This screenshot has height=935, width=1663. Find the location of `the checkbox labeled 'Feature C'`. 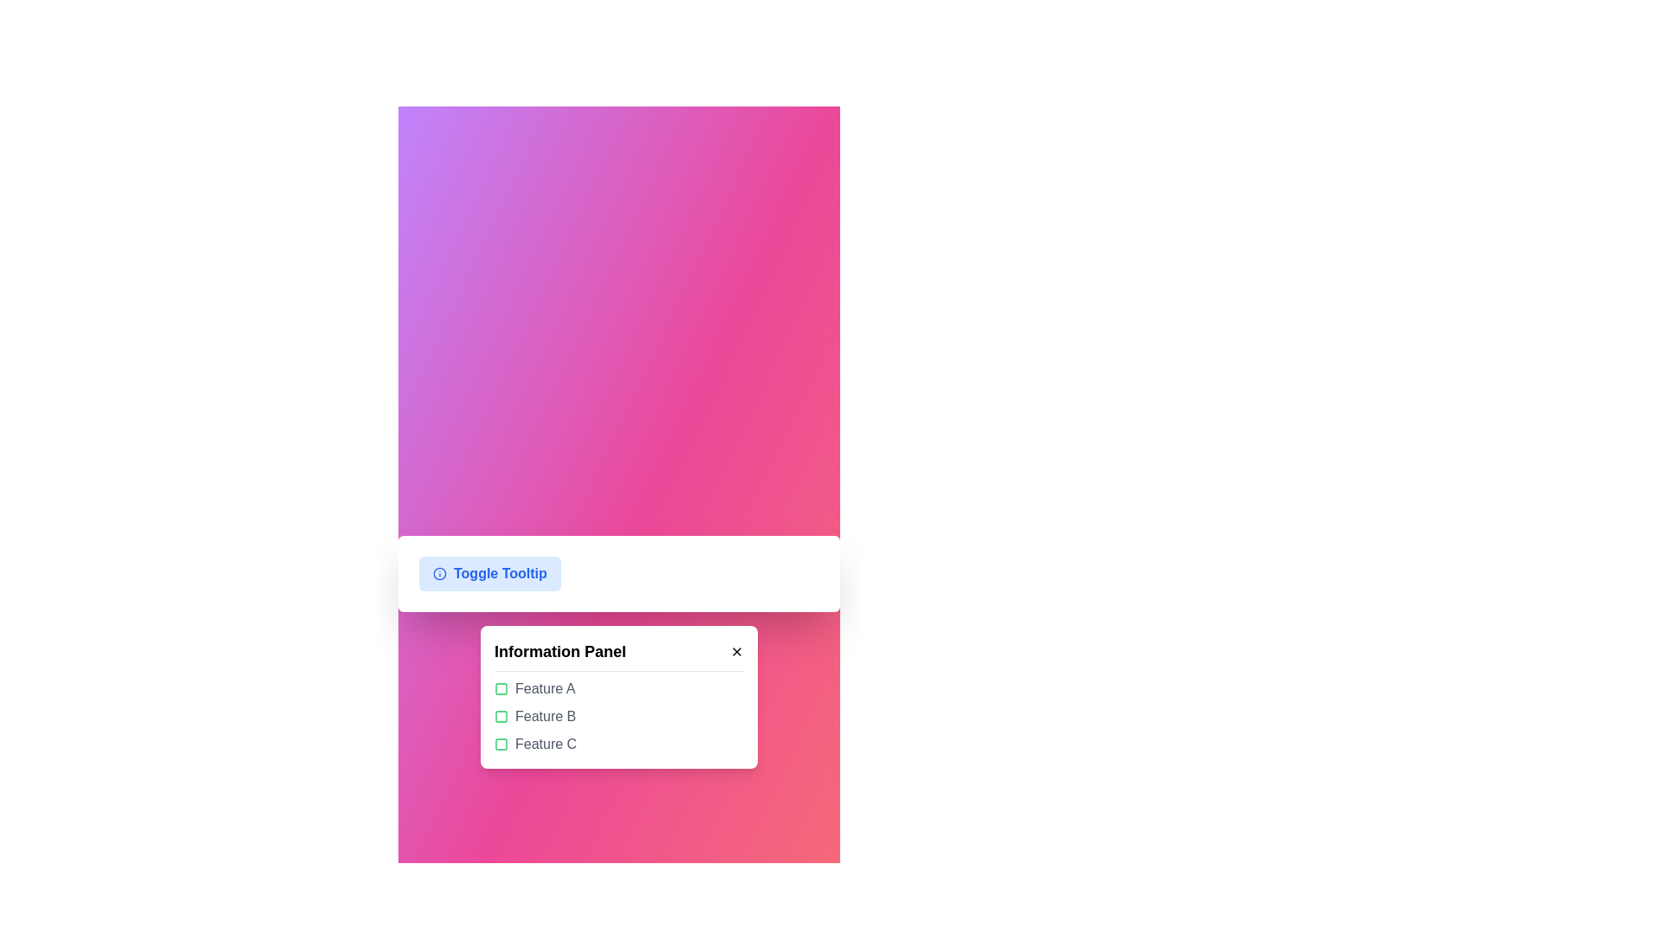

the checkbox labeled 'Feature C' is located at coordinates (619, 744).